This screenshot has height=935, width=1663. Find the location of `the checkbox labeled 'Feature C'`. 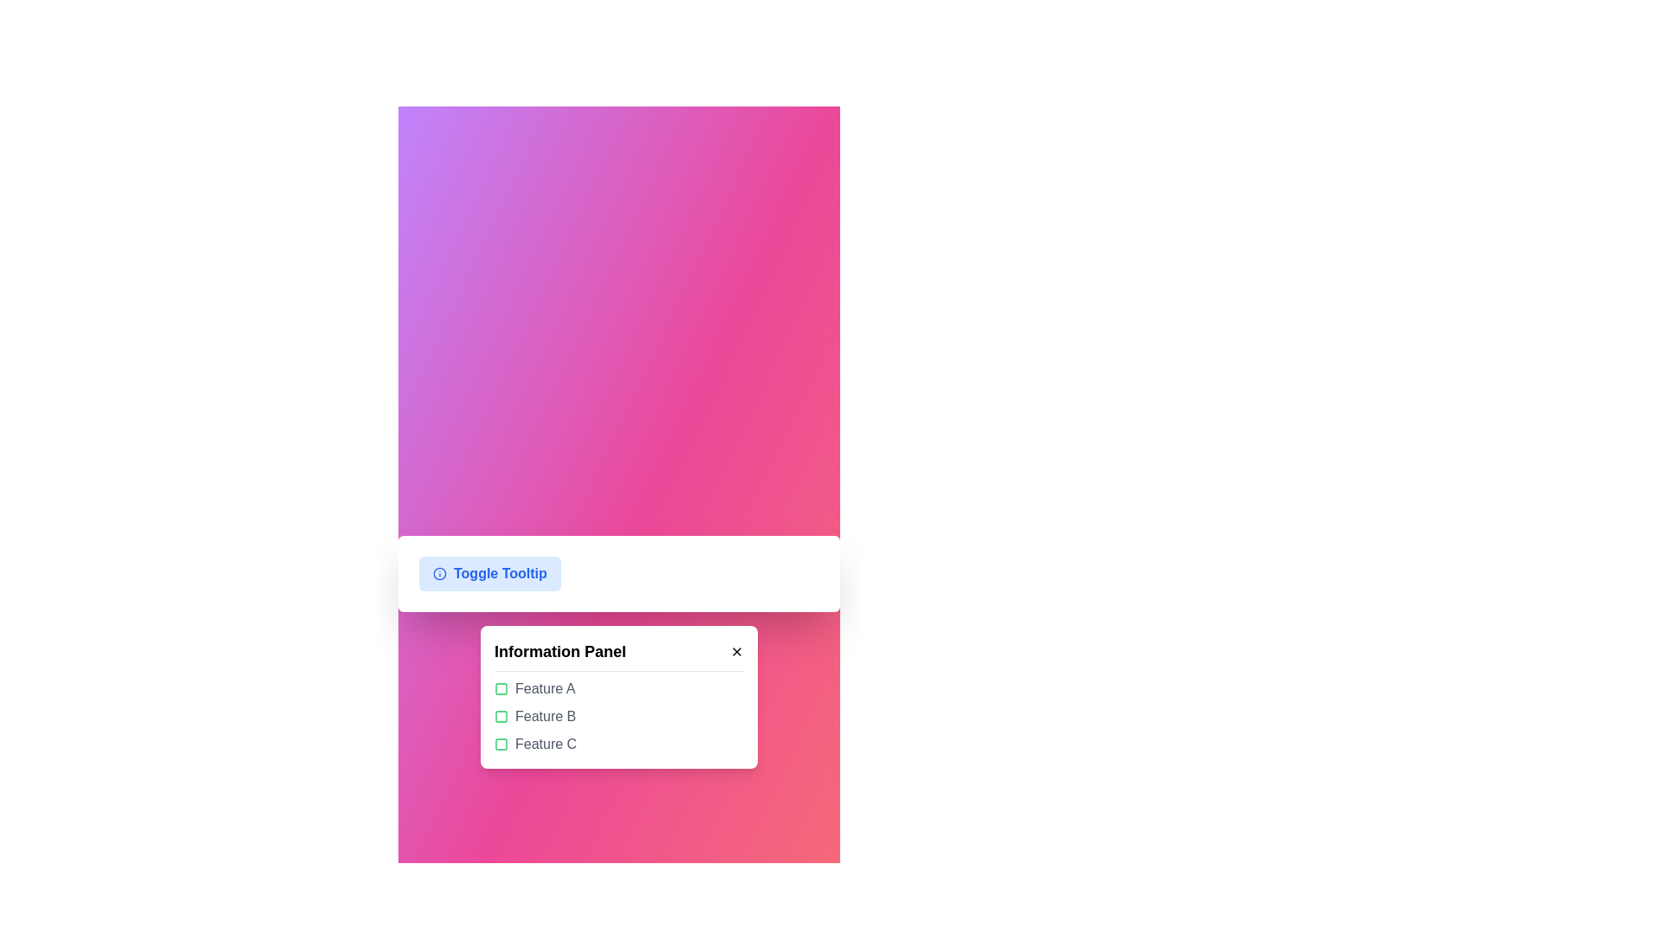

the checkbox labeled 'Feature C' is located at coordinates (619, 744).